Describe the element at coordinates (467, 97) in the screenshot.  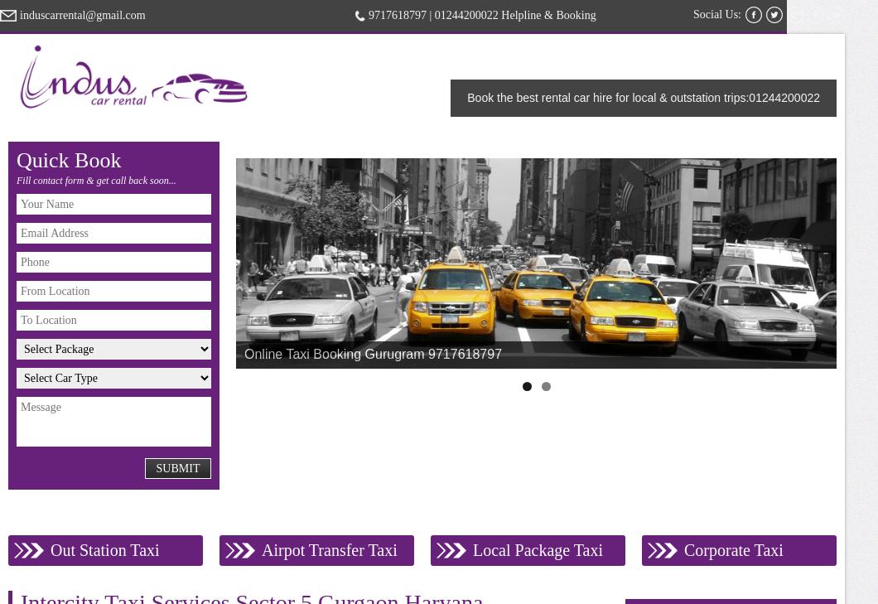
I see `'Book the best rental car hire for local & outstation trips:01244200022'` at that location.